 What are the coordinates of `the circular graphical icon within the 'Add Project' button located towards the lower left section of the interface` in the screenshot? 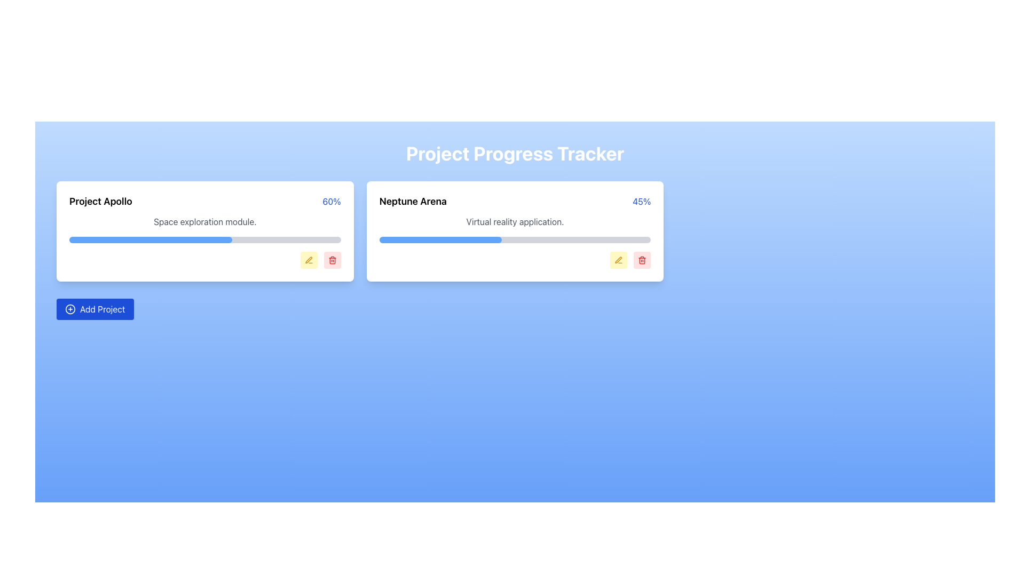 It's located at (70, 309).